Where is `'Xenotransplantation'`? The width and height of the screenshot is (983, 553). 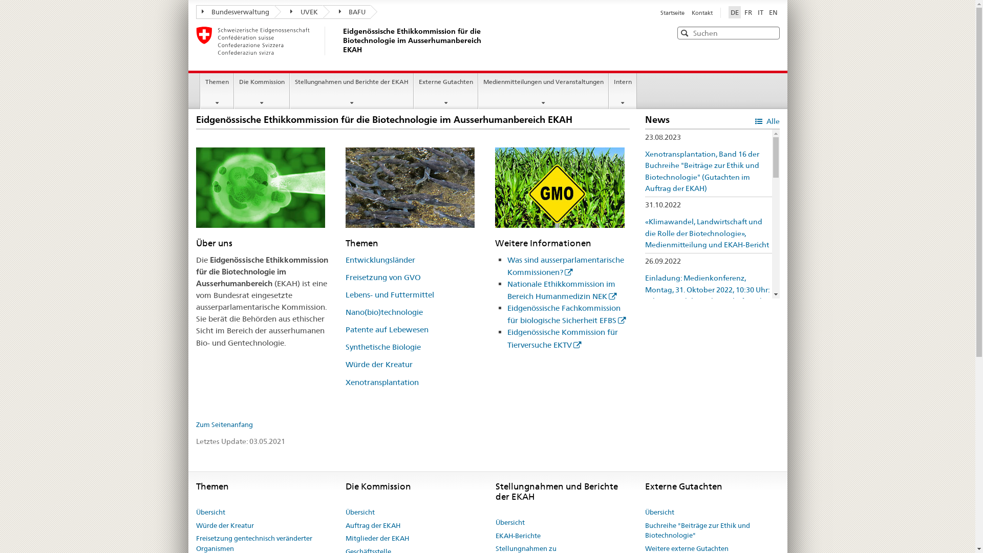
'Xenotransplantation' is located at coordinates (381, 382).